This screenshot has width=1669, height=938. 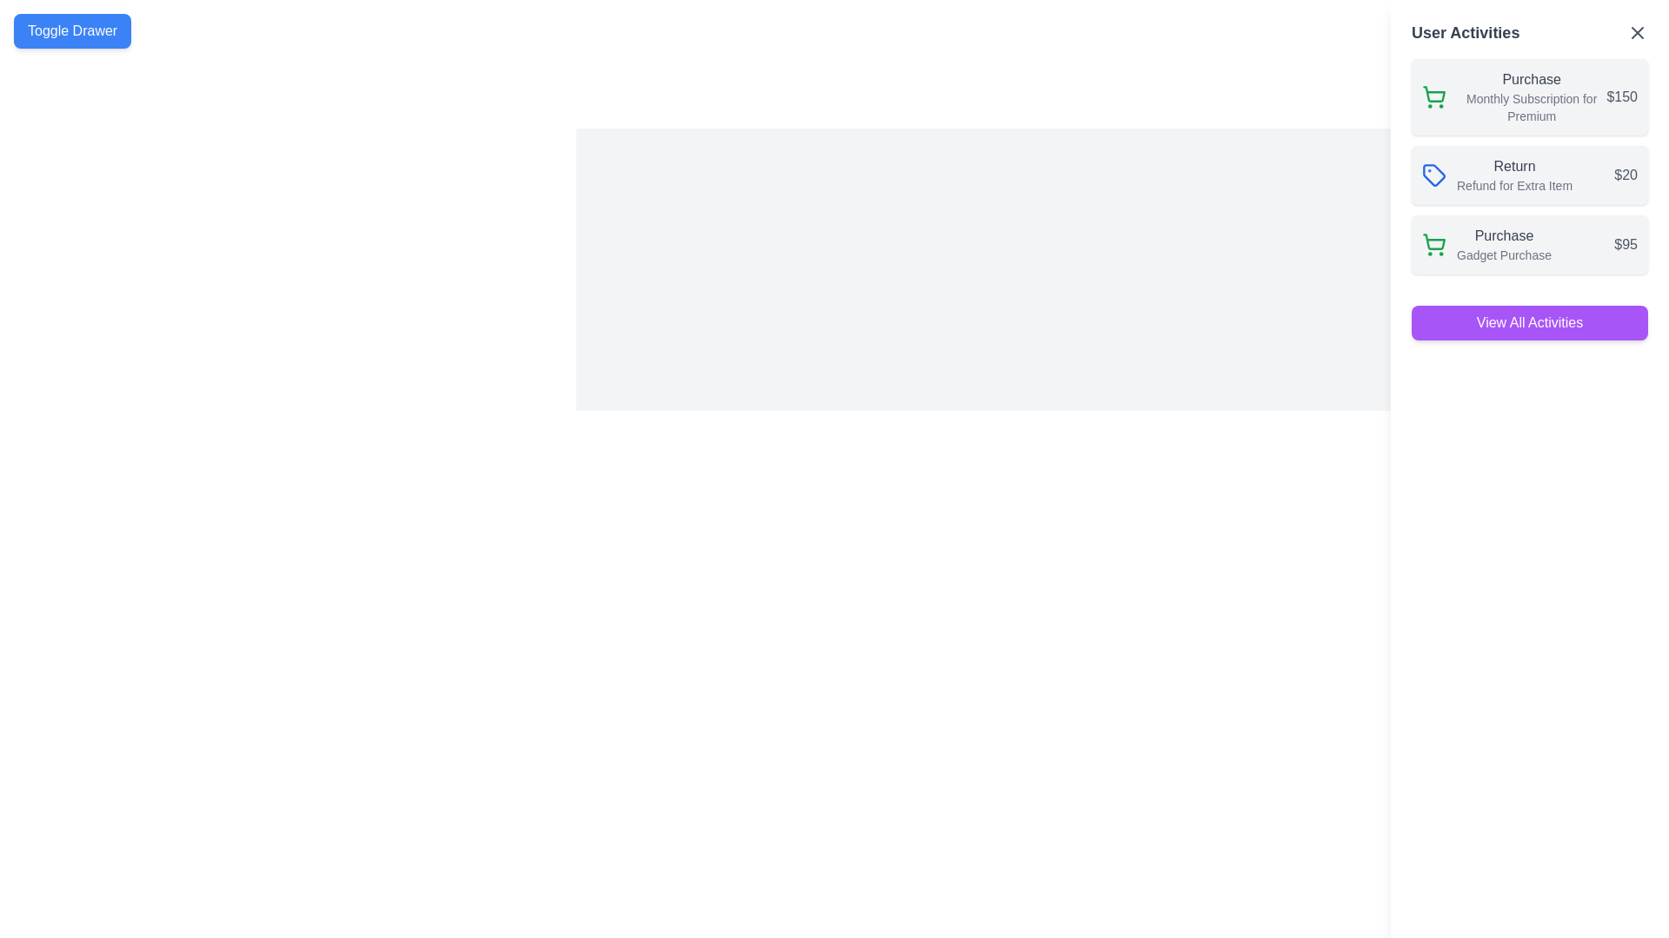 What do you see at coordinates (1532, 107) in the screenshot?
I see `the static text label displaying 'Monthly Subscription for Premium' located under the header 'Purchase' in the 'User Activities' section` at bounding box center [1532, 107].